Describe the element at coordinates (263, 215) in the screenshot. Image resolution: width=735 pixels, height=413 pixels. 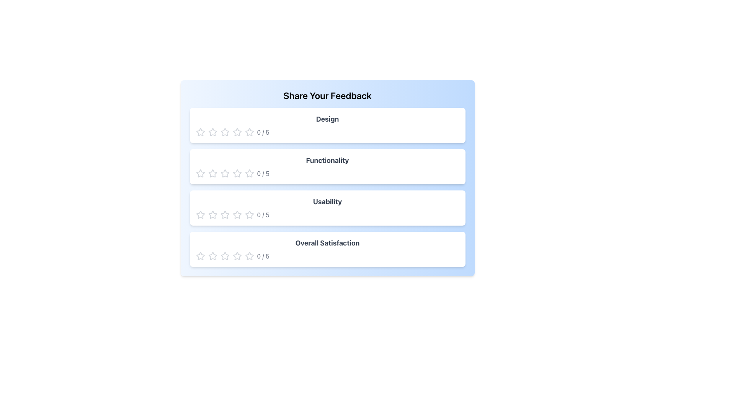
I see `the text label displaying the current rating ('0/5') which is located next to the interactive star icons in the 'Usability' feedback section` at that location.